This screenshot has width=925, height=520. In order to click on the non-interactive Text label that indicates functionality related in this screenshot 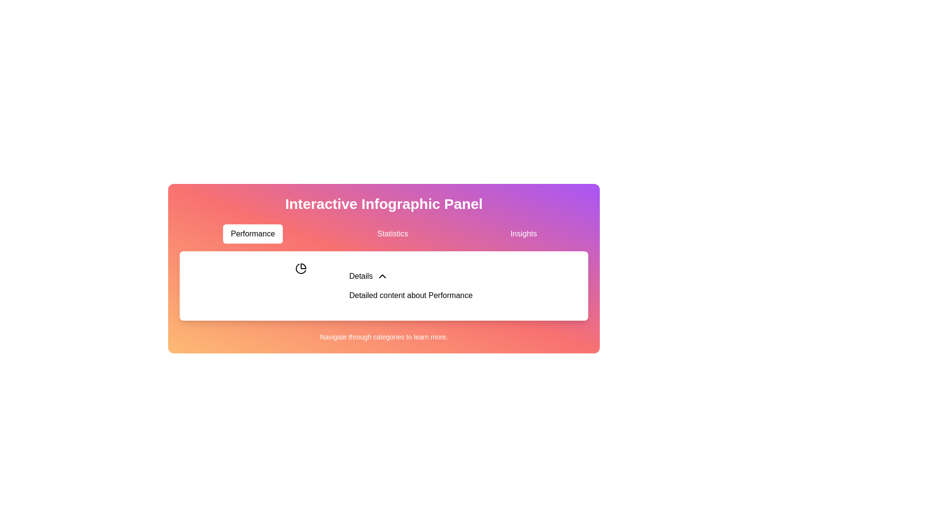, I will do `click(360, 276)`.